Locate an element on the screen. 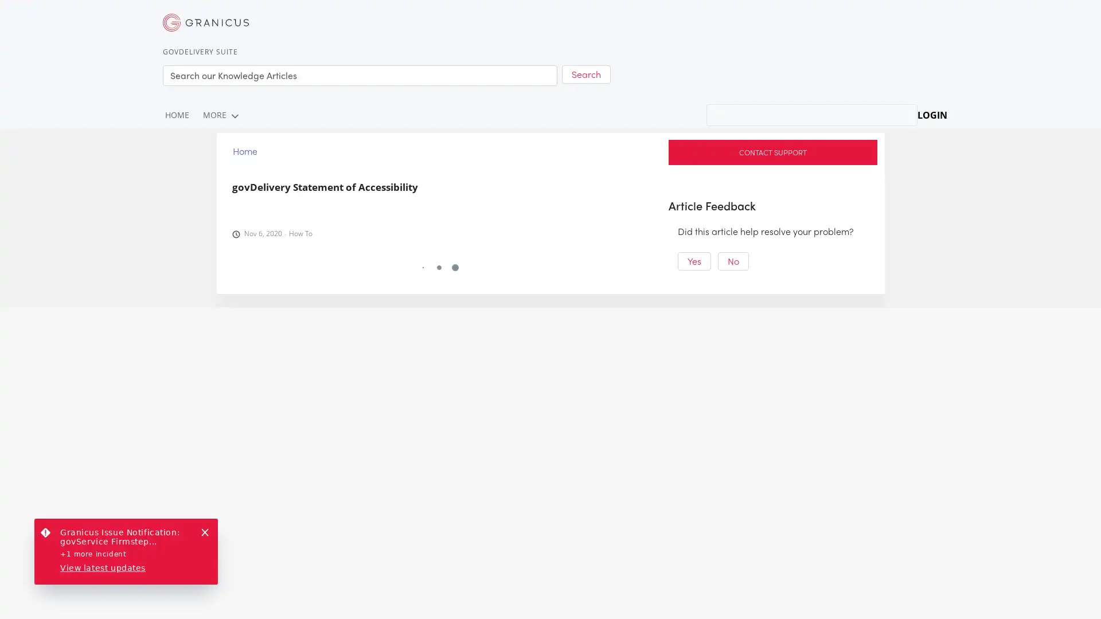 The width and height of the screenshot is (1101, 619). Yes is located at coordinates (693, 261).